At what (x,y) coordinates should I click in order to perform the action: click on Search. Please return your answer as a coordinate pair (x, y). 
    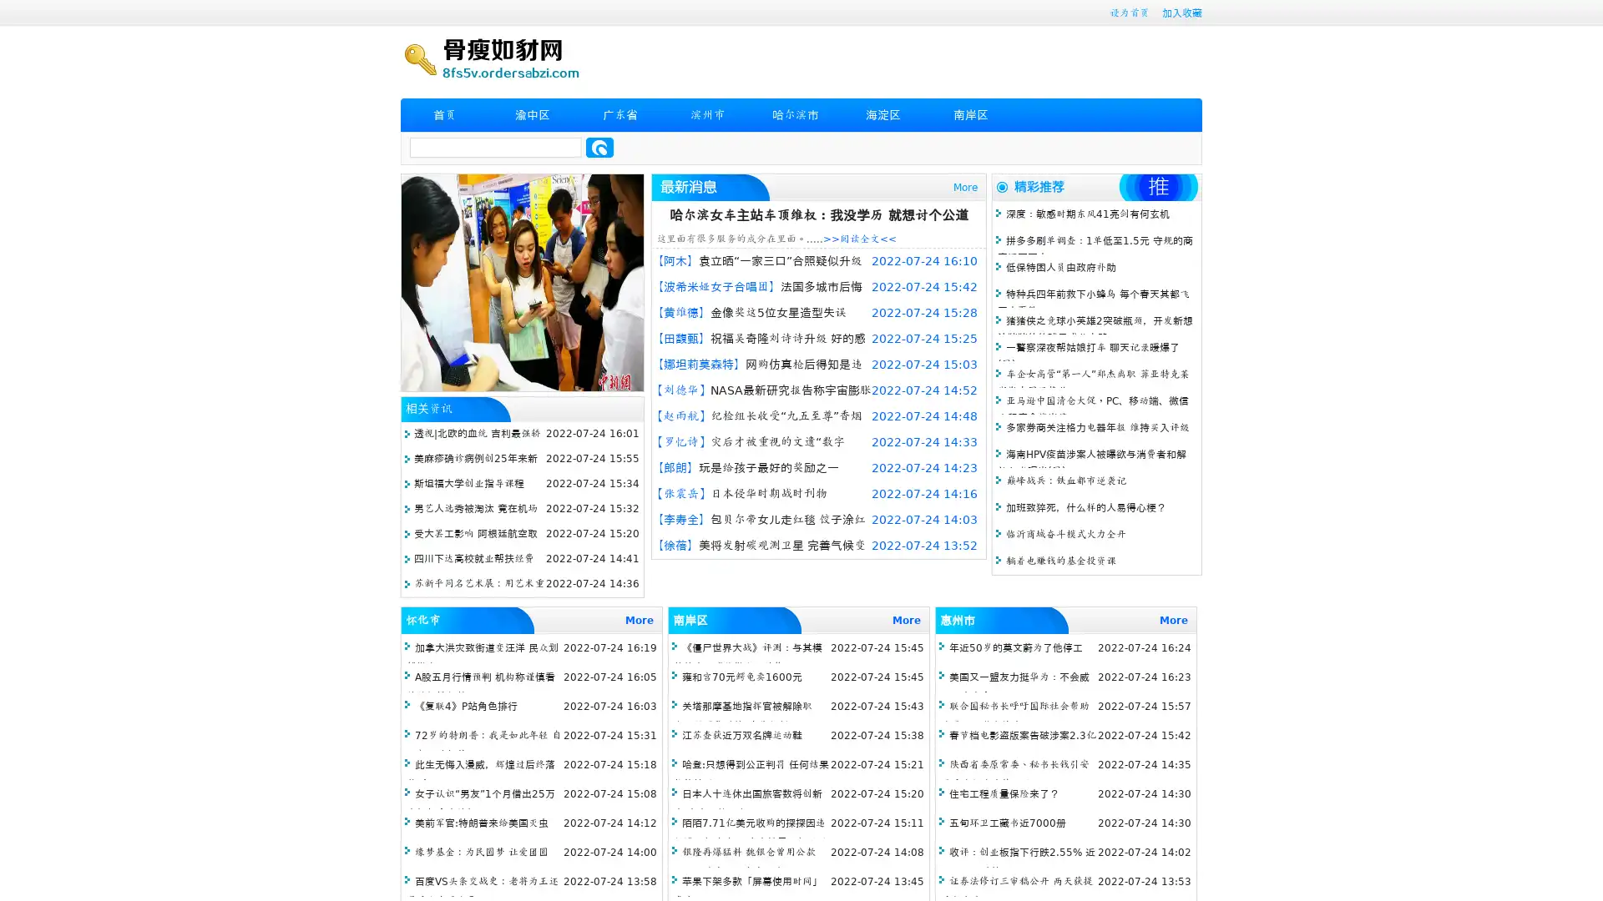
    Looking at the image, I should click on (599, 147).